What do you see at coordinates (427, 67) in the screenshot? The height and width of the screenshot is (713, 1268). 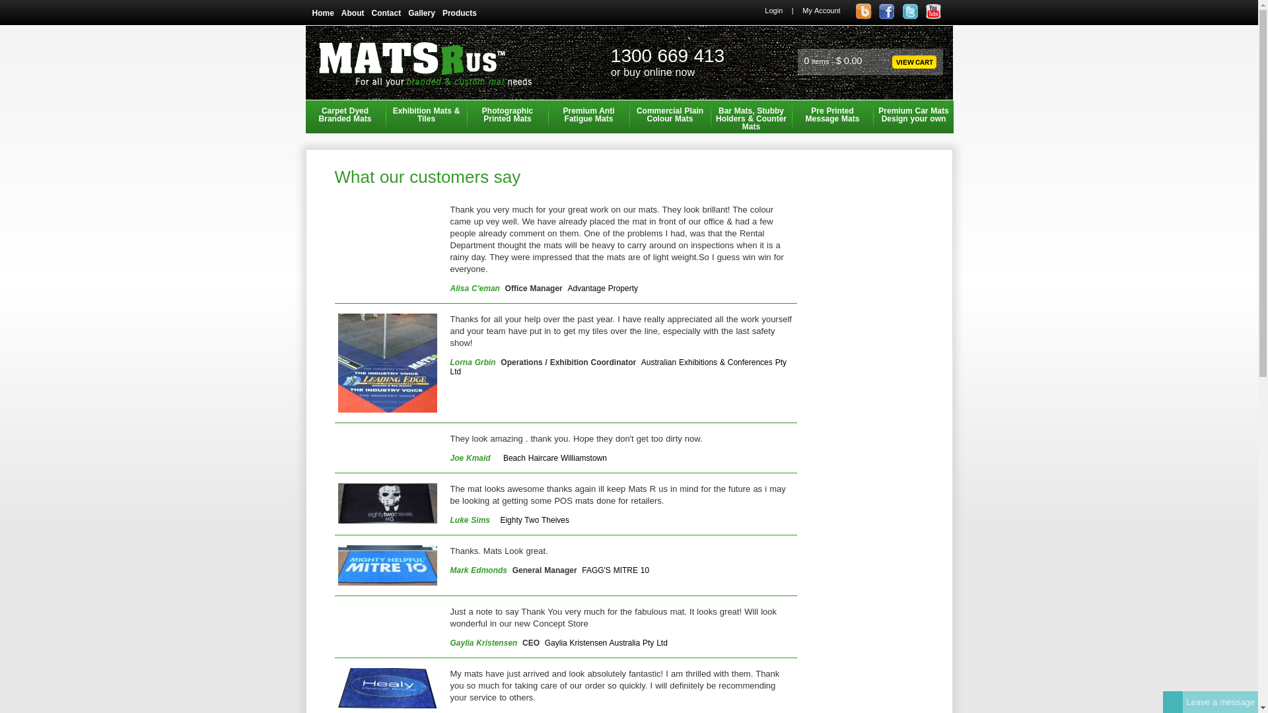 I see `'MatsRus logo - for all your branded & custome mat needs'` at bounding box center [427, 67].